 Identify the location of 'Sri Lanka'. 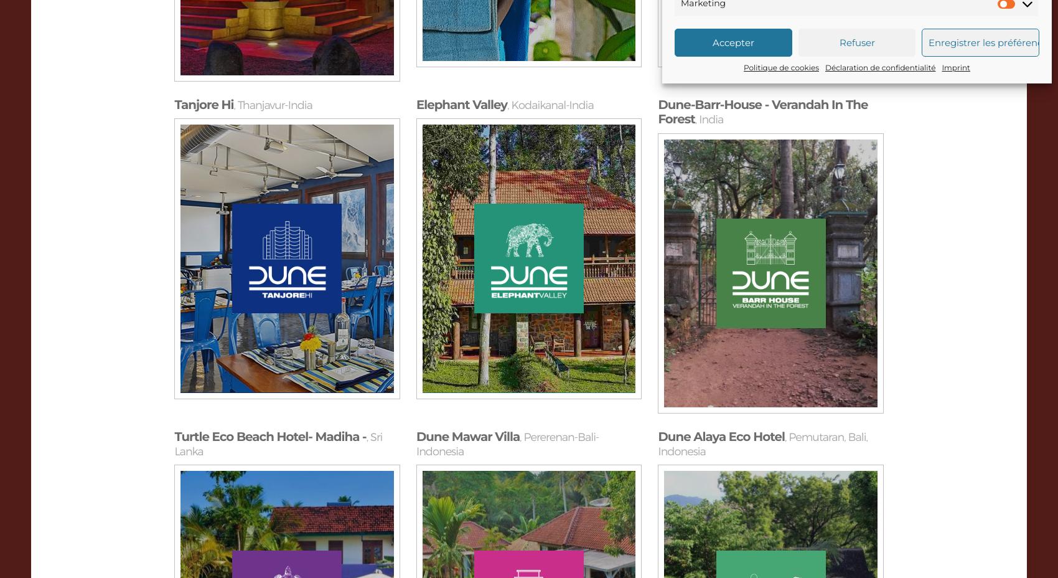
(278, 444).